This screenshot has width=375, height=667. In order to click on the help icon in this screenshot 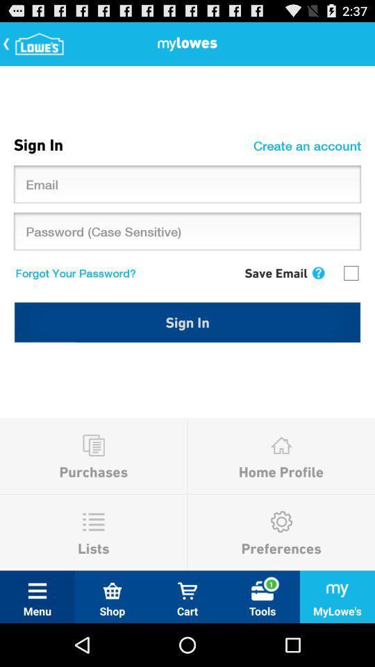, I will do `click(318, 291)`.